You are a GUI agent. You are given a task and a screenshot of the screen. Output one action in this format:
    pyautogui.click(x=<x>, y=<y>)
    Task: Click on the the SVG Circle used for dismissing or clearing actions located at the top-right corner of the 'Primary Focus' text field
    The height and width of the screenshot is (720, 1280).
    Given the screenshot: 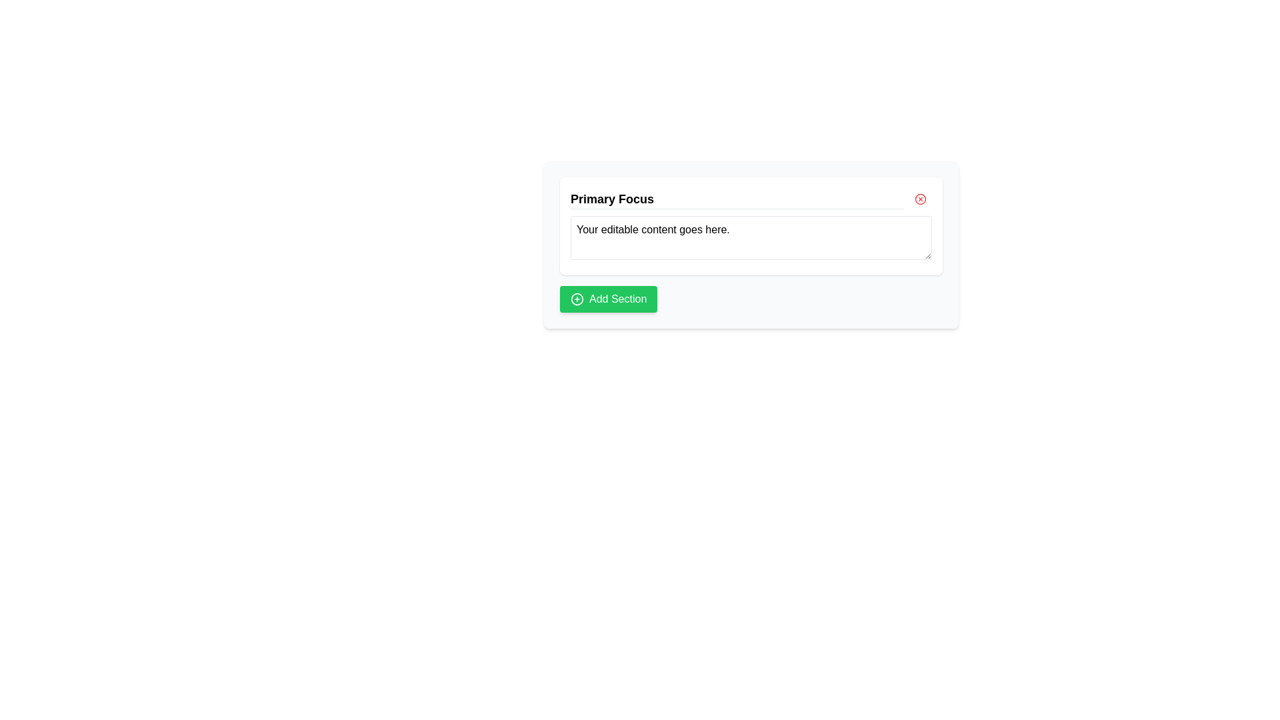 What is the action you would take?
    pyautogui.click(x=920, y=199)
    